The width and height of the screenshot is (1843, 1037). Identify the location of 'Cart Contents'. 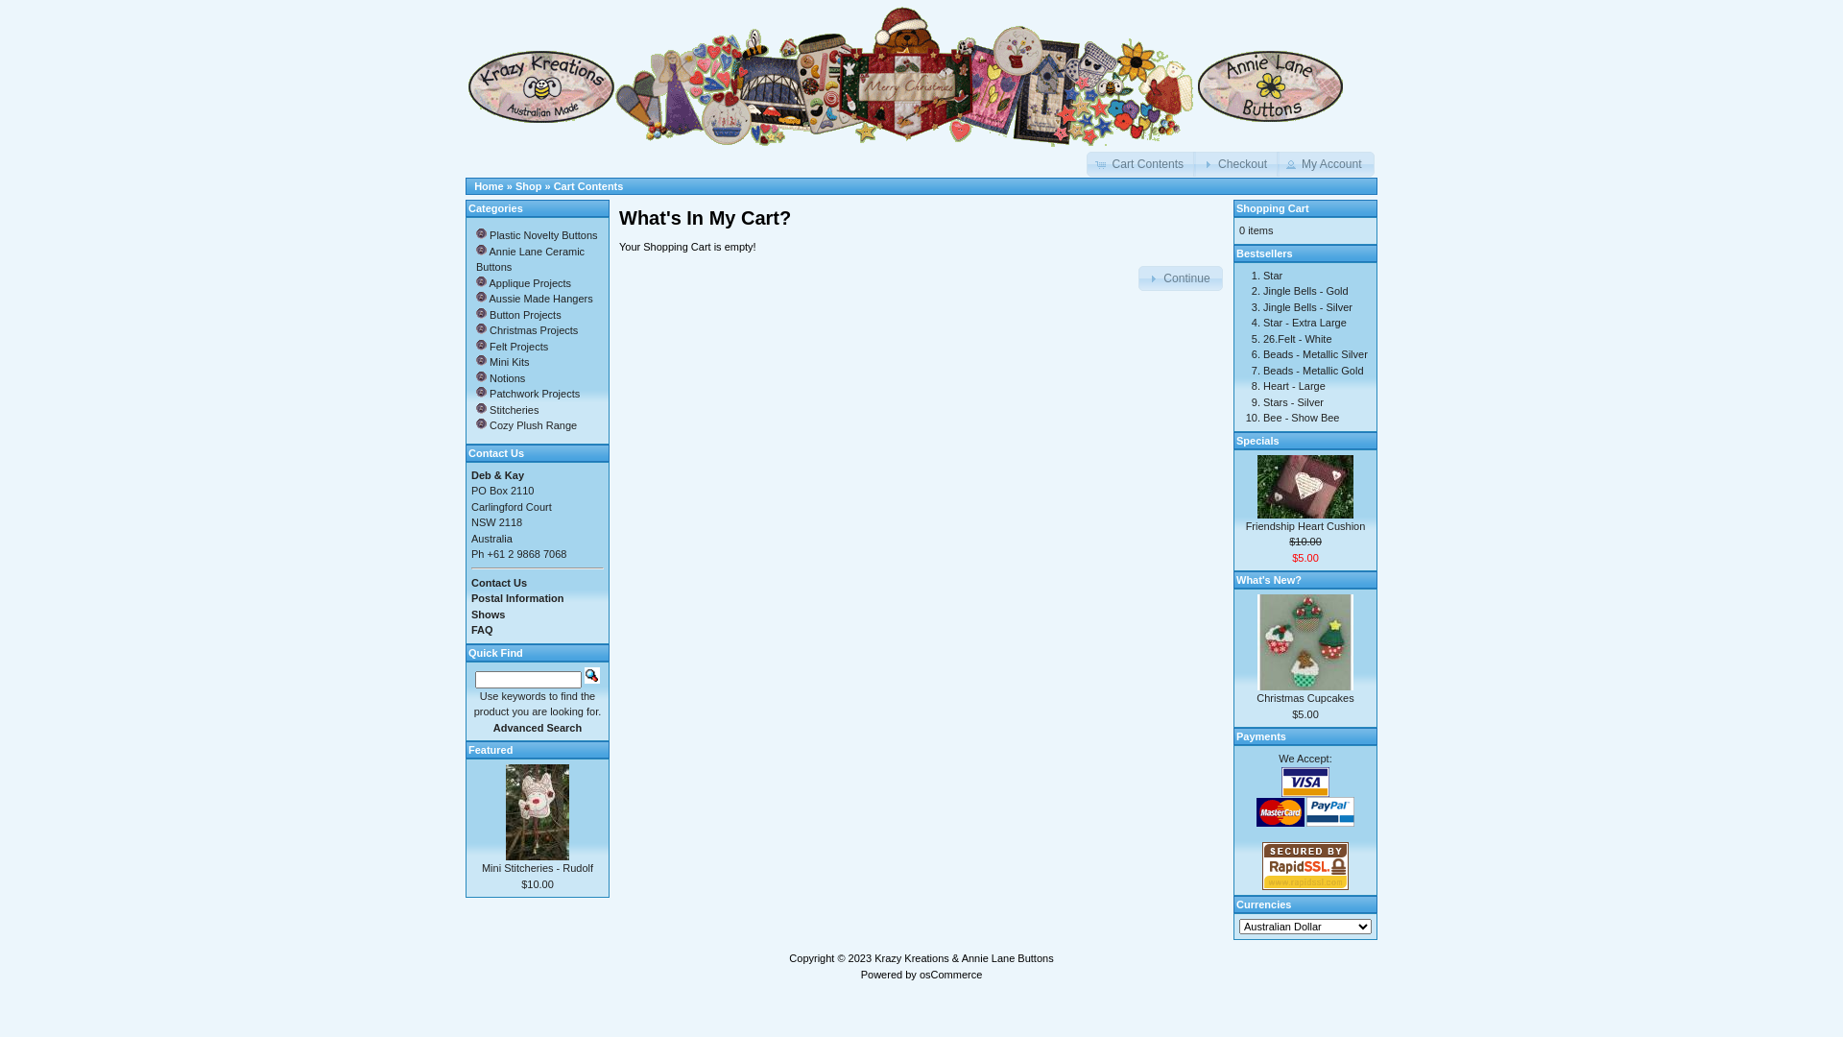
(1141, 162).